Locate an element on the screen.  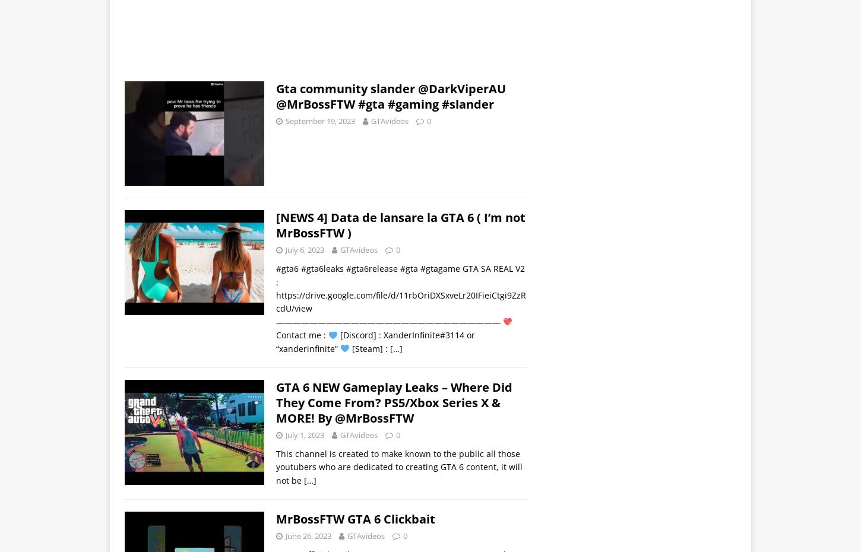
'Gta community slander @DarkViperAU  @MrBossFTW  #gta #gaming #slander' is located at coordinates (276, 95).